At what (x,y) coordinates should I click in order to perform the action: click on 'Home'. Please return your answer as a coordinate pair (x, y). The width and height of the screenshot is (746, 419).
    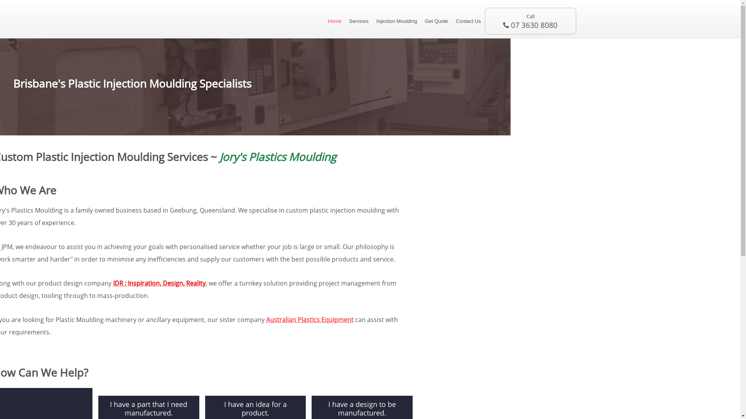
    Looking at the image, I should click on (328, 21).